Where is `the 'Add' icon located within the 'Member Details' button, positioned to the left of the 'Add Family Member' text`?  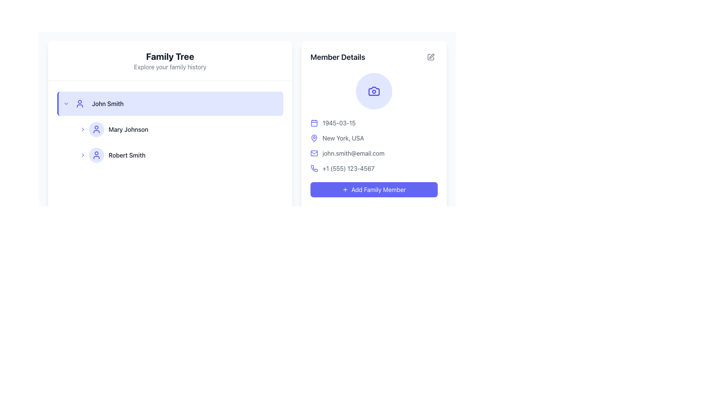 the 'Add' icon located within the 'Member Details' button, positioned to the left of the 'Add Family Member' text is located at coordinates (345, 189).